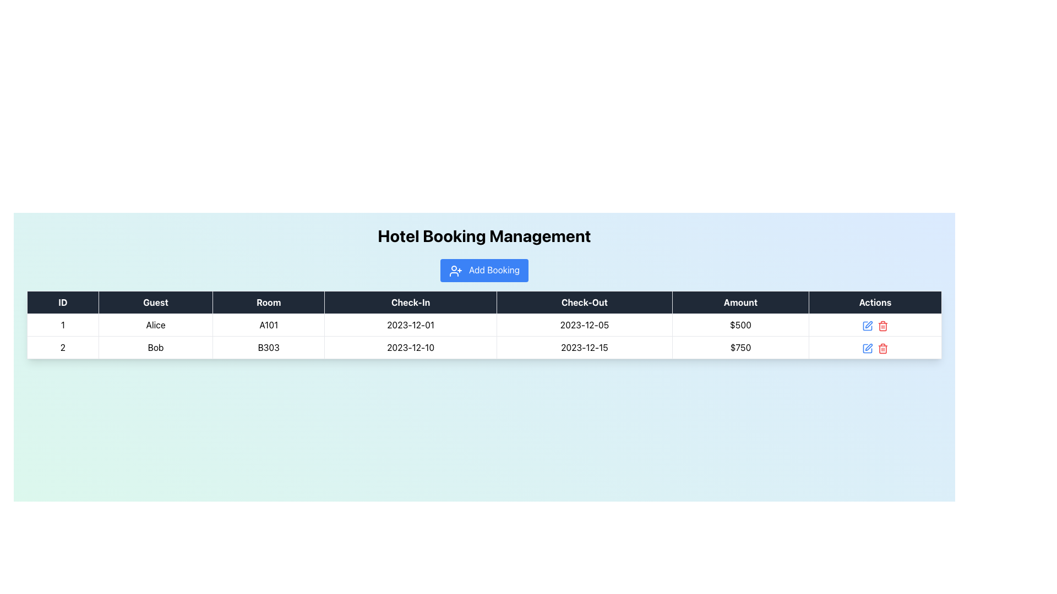 This screenshot has width=1057, height=594. I want to click on the 'Check-In' column header cell, which is the fourth column in the table, located between the 'Room' and 'Check-Out' headers, so click(410, 302).